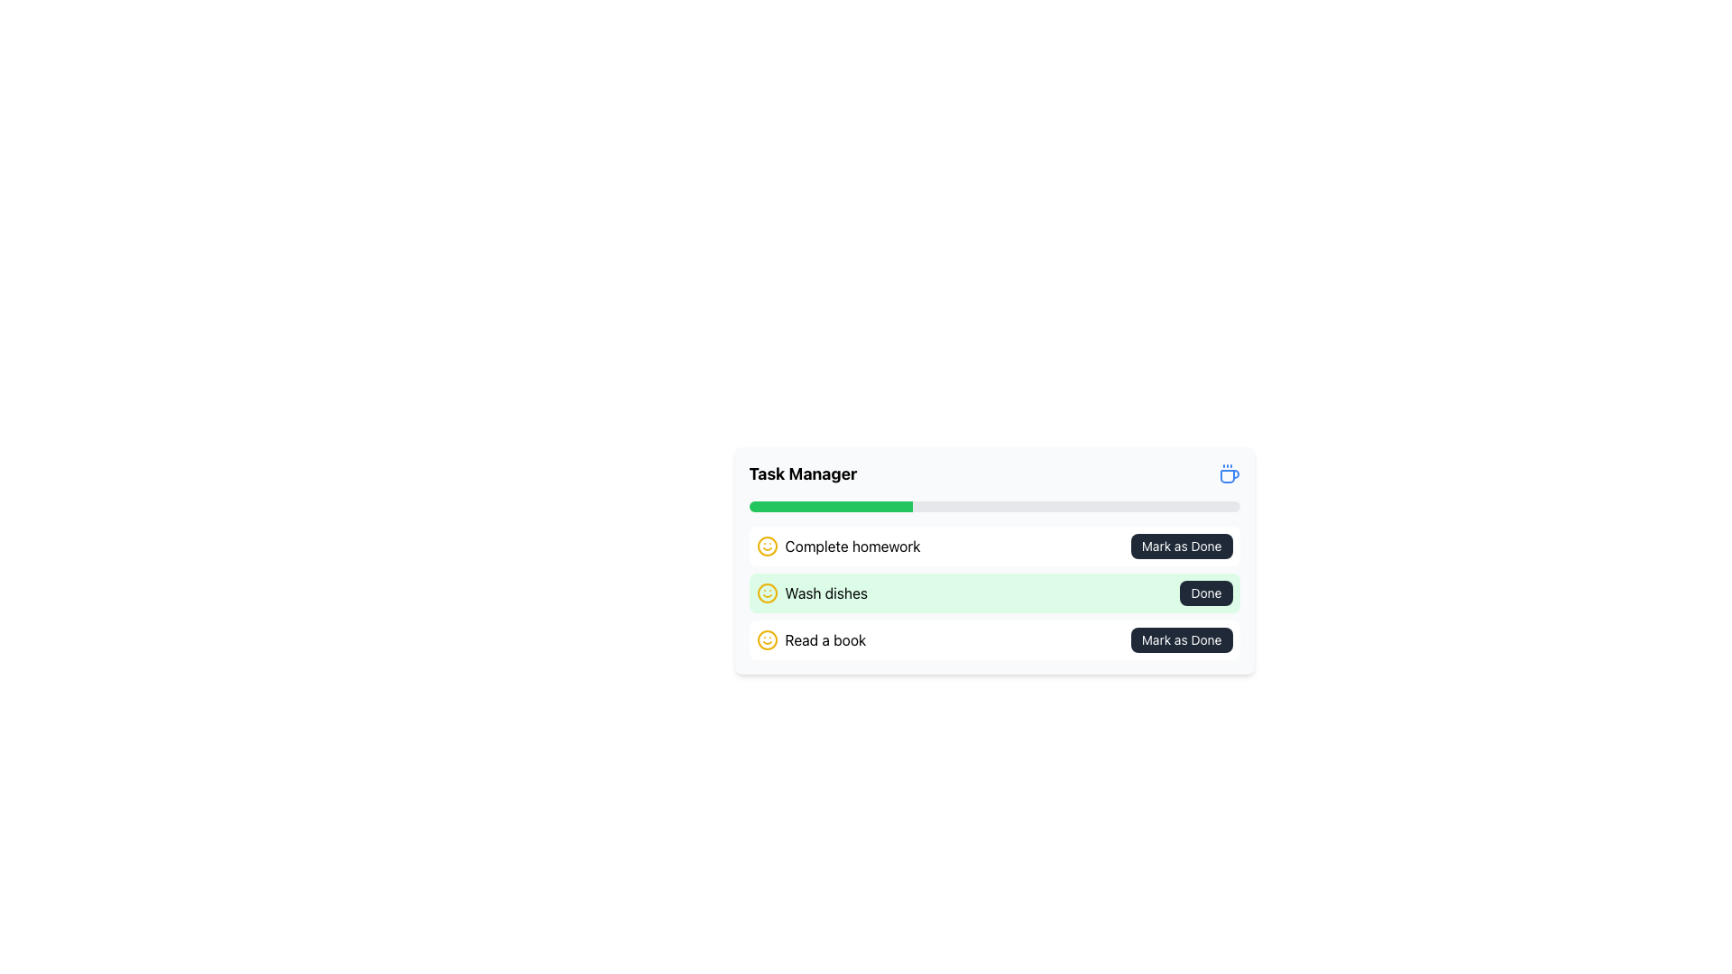 This screenshot has height=974, width=1732. What do you see at coordinates (993, 593) in the screenshot?
I see `the 'Done' button of the completed task 'Wash dishes' in the task management interface to trigger a highlight effect` at bounding box center [993, 593].